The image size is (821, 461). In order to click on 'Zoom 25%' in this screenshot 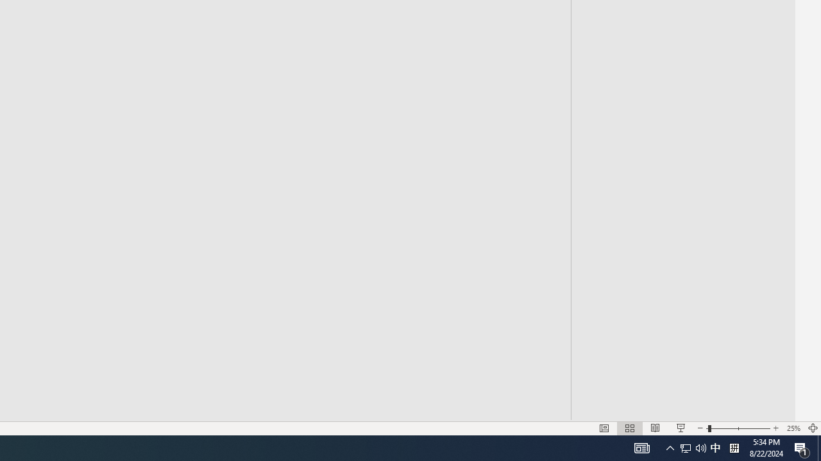, I will do `click(793, 428)`.